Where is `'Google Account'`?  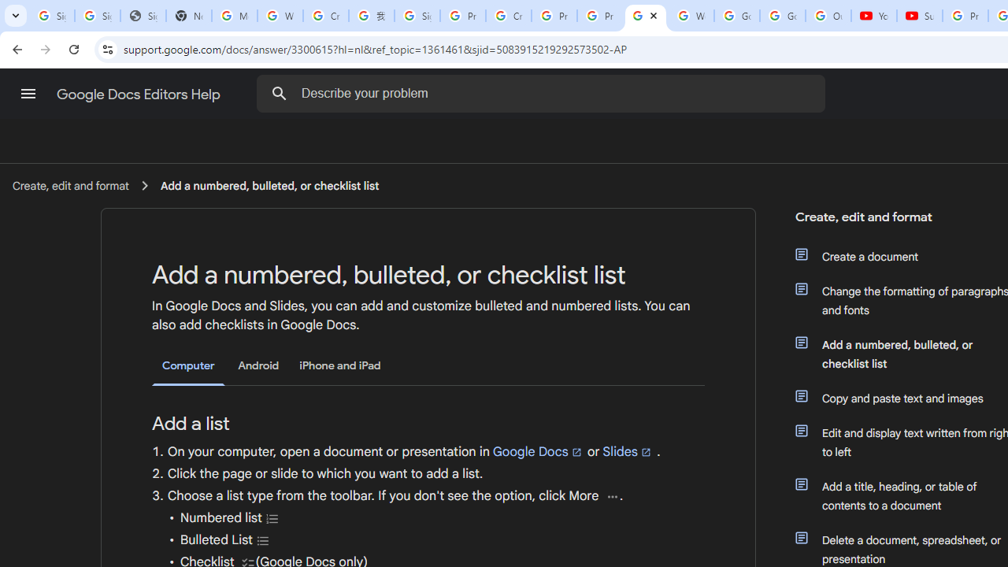
'Google Account' is located at coordinates (782, 16).